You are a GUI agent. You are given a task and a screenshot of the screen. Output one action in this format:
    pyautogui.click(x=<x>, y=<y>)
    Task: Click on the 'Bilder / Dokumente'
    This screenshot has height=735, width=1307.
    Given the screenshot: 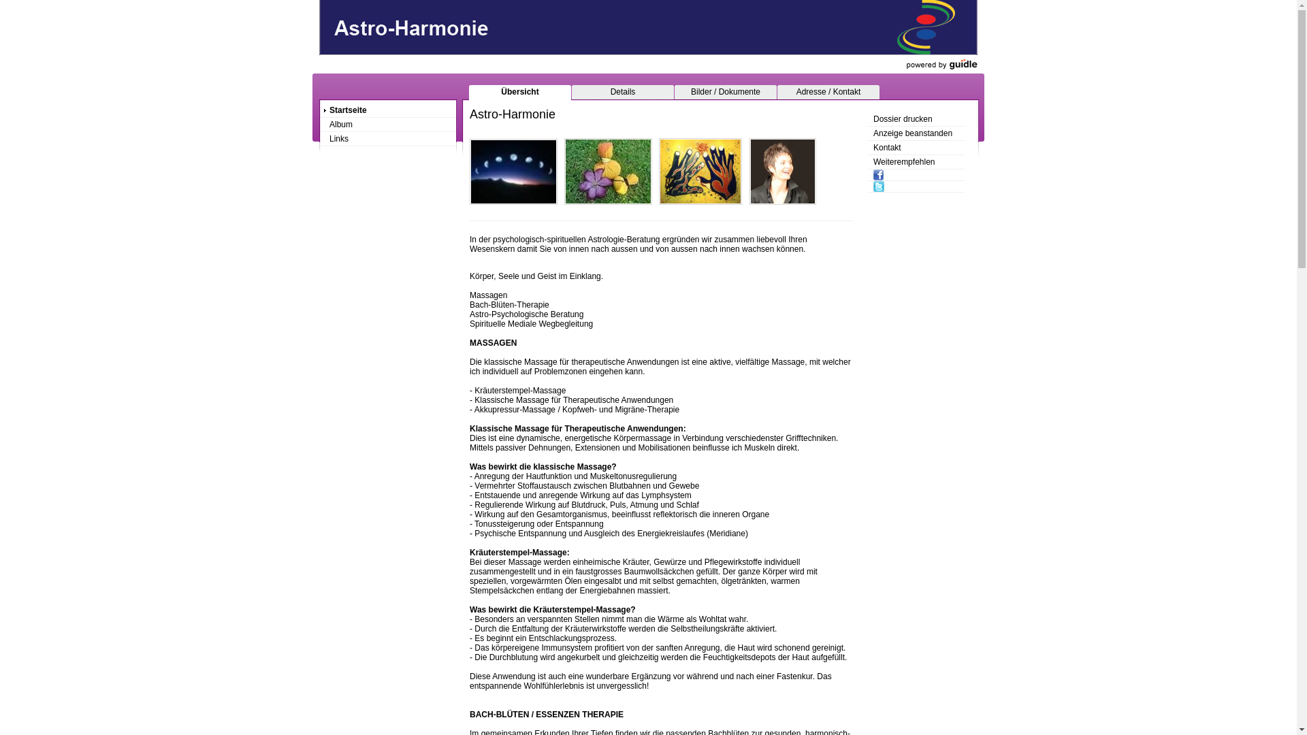 What is the action you would take?
    pyautogui.click(x=724, y=92)
    